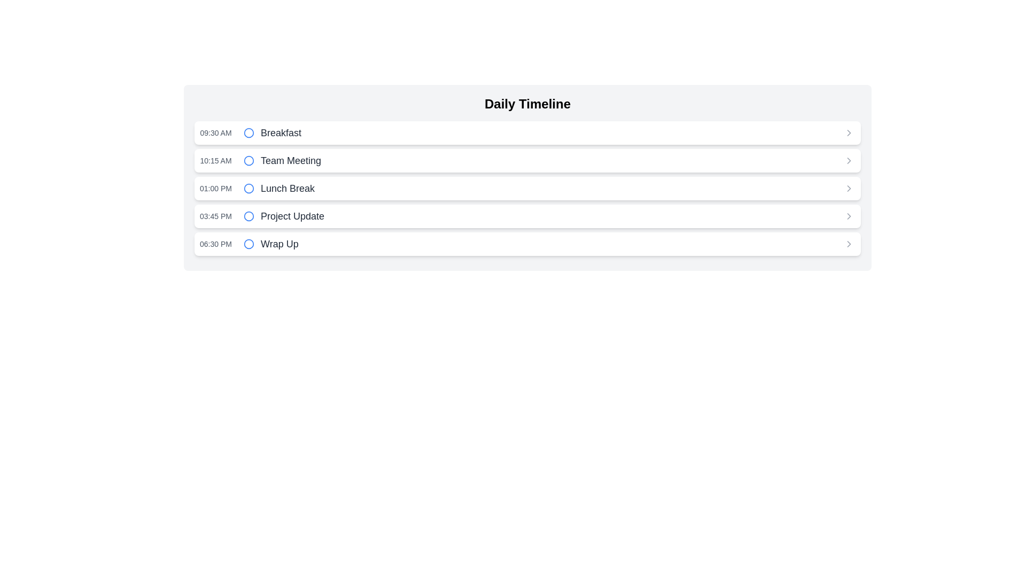 This screenshot has width=1026, height=577. What do you see at coordinates (248, 160) in the screenshot?
I see `the circular SVG element with a blue border located to the left of the '10:15 AM' time entry for the 'Team Meeting' event in the vertical timeline list` at bounding box center [248, 160].